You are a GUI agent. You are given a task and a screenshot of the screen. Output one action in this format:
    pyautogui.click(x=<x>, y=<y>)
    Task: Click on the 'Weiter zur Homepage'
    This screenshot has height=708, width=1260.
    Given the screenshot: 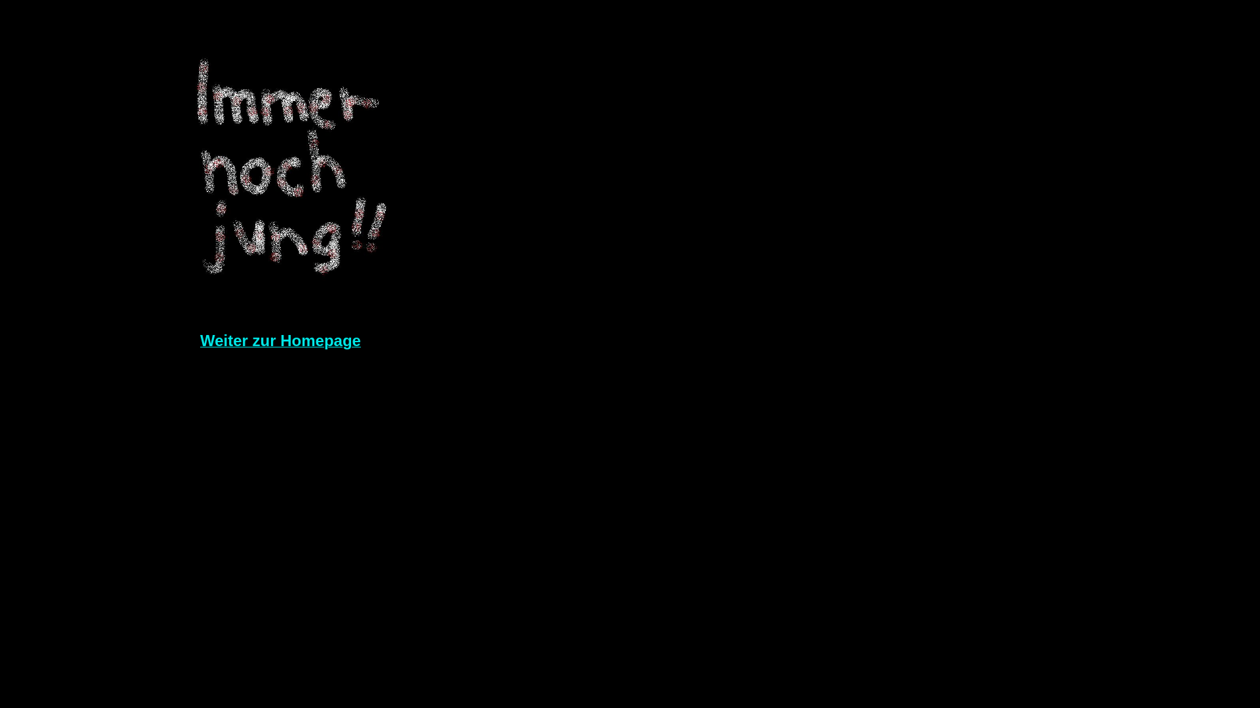 What is the action you would take?
    pyautogui.click(x=280, y=342)
    